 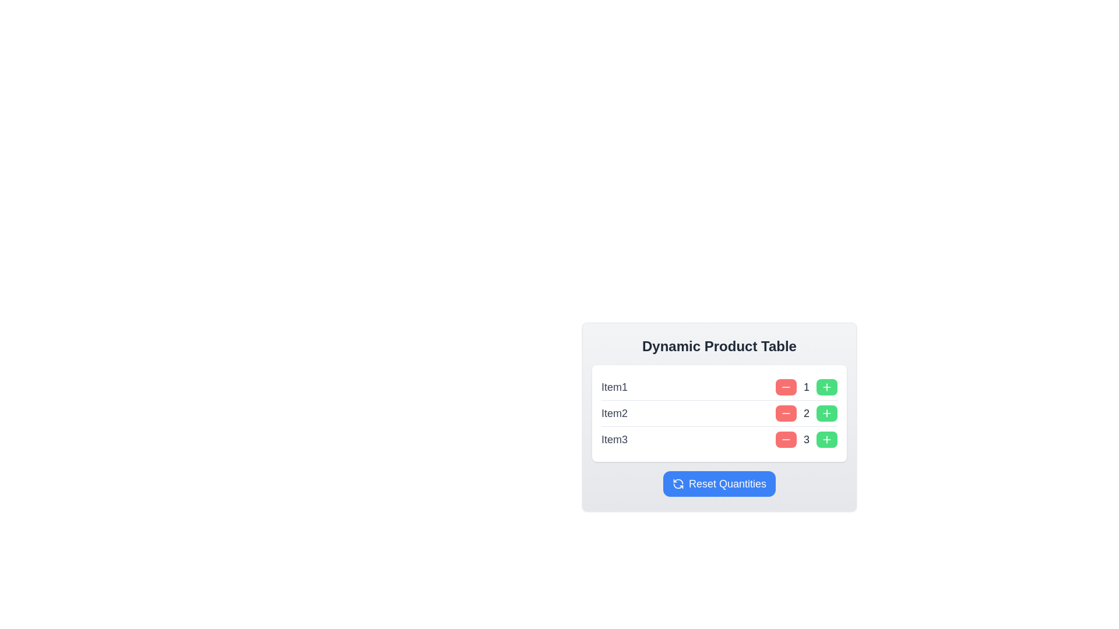 What do you see at coordinates (805, 440) in the screenshot?
I see `the Text label displaying the count or quantity in the third row of the Dynamic Product Table, positioned between the red decrement button and the green increment button` at bounding box center [805, 440].